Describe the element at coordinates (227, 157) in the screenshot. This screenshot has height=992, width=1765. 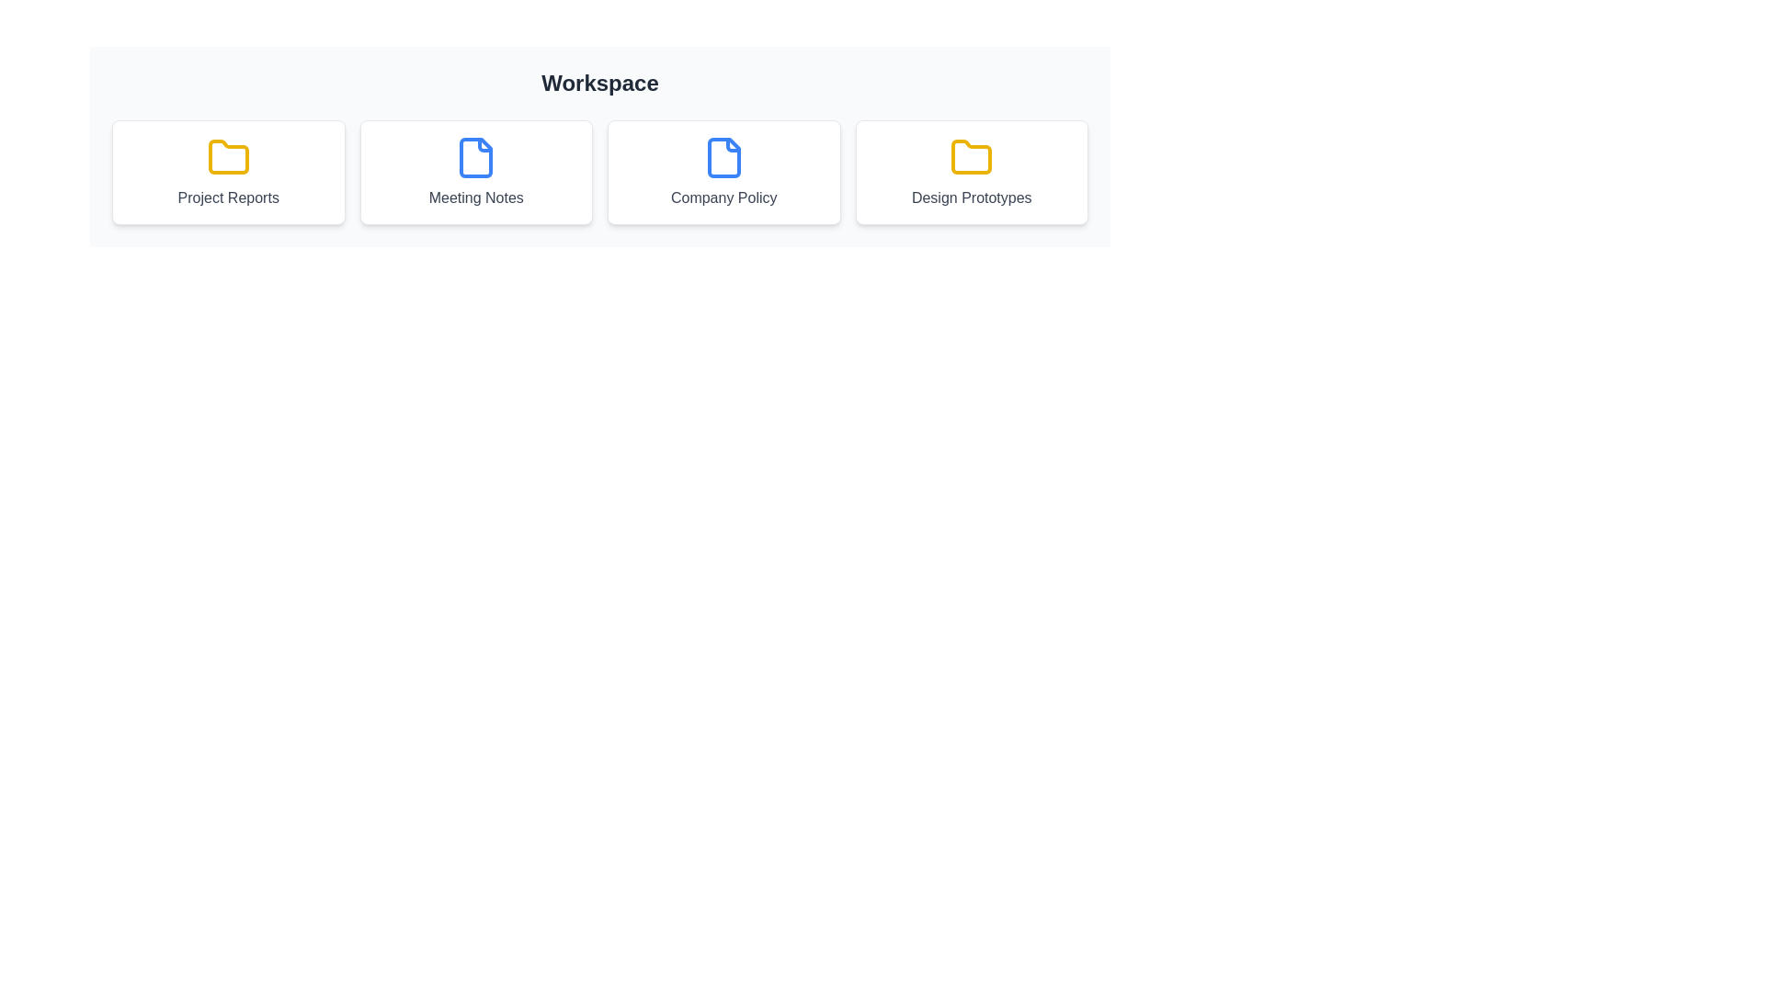
I see `the yellow folder icon in the 'Project Reports' card layout, which is located in the top-left corner of the card and labeled 'Project Reports'` at that location.